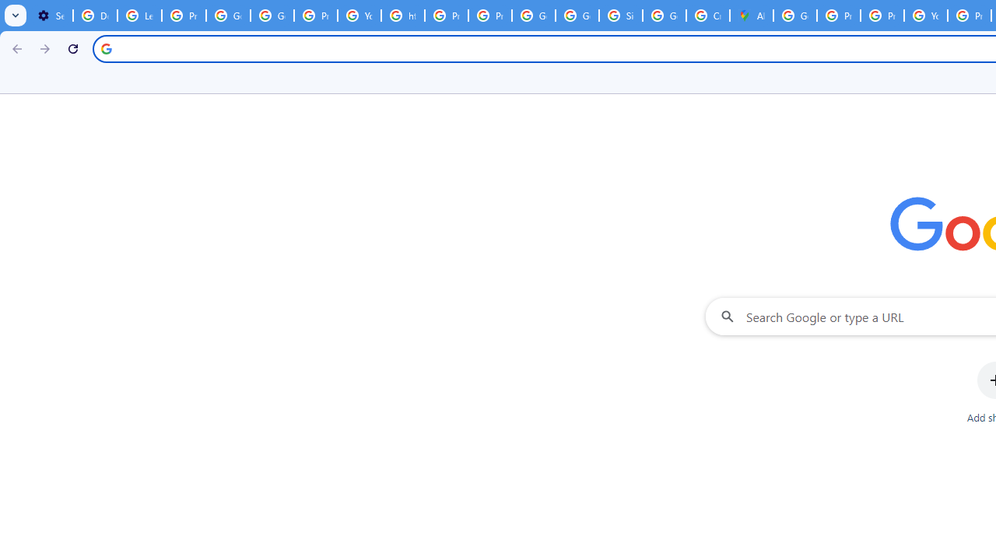  Describe the element at coordinates (94, 16) in the screenshot. I see `'Delete photos & videos - Computer - Google Photos Help'` at that location.